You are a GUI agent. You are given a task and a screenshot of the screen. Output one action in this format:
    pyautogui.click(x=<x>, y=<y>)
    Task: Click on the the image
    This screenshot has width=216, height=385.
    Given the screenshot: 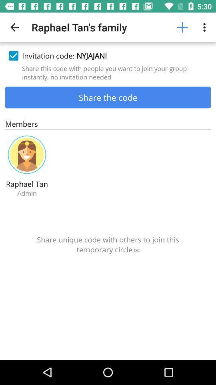 What is the action you would take?
    pyautogui.click(x=27, y=154)
    